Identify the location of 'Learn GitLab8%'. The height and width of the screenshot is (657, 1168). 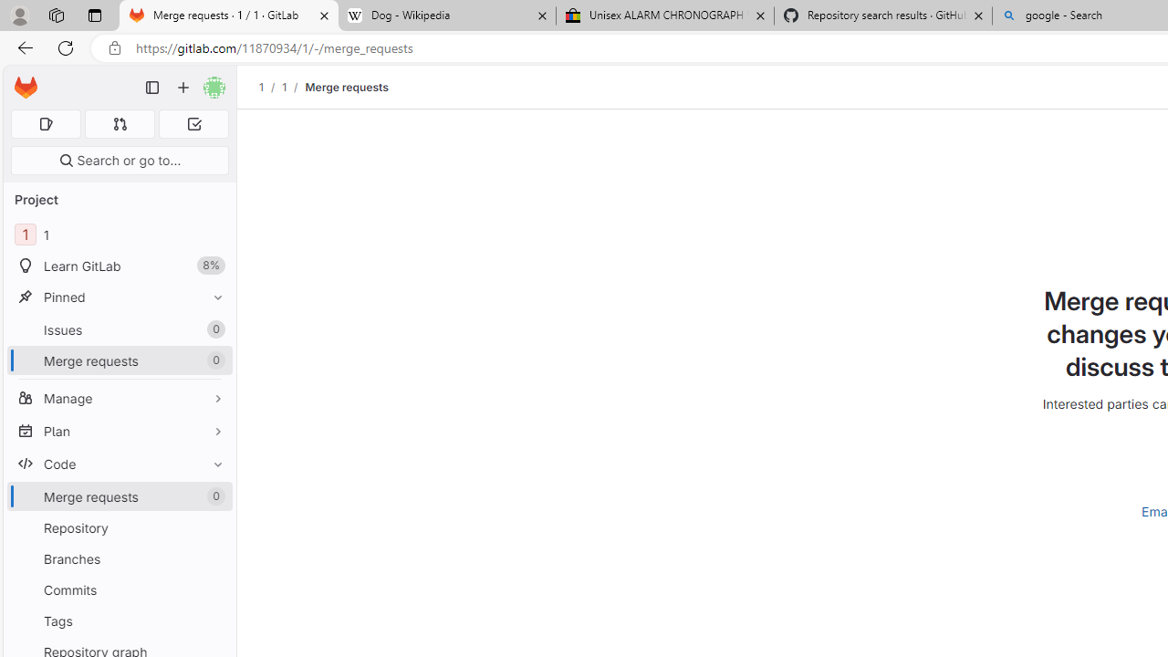
(119, 266).